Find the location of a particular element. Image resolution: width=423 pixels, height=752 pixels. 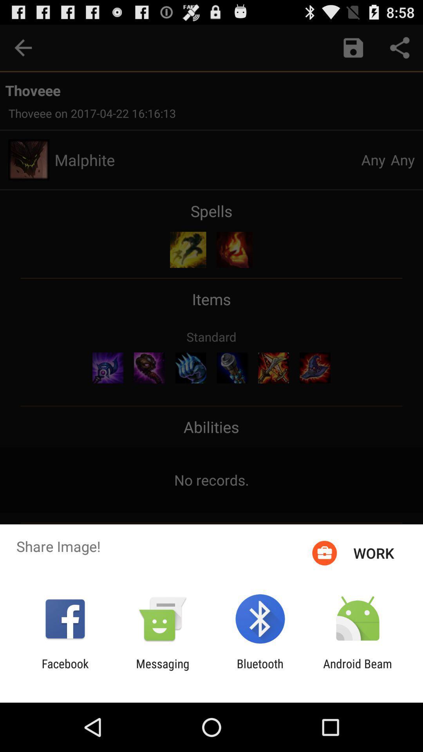

the app to the left of android beam app is located at coordinates (260, 670).